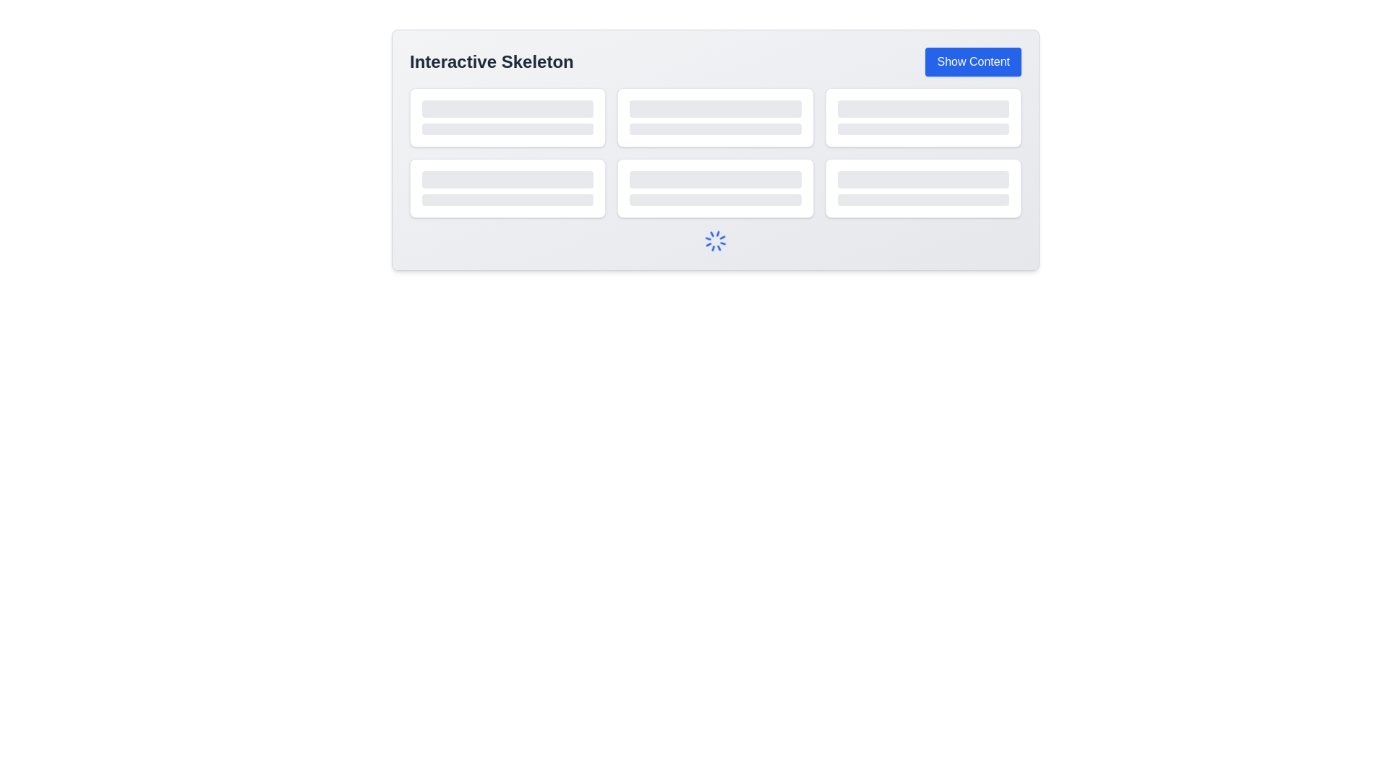  I want to click on the second rectangular loading placeholder, which serves as a visual indicator for loading content in the application's layout, so click(715, 128).